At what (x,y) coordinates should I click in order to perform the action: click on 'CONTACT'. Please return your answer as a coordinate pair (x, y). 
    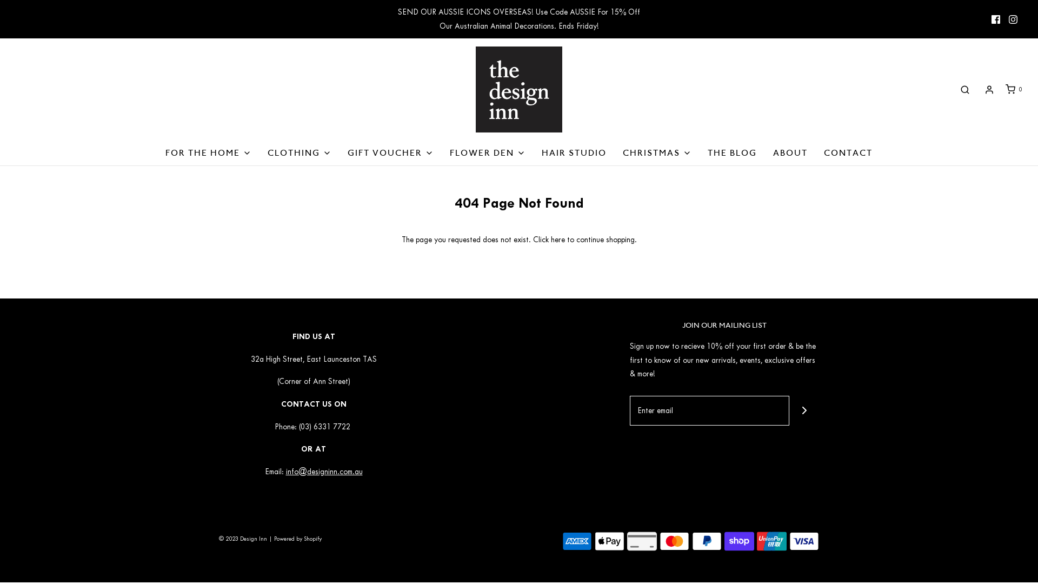
    Looking at the image, I should click on (848, 152).